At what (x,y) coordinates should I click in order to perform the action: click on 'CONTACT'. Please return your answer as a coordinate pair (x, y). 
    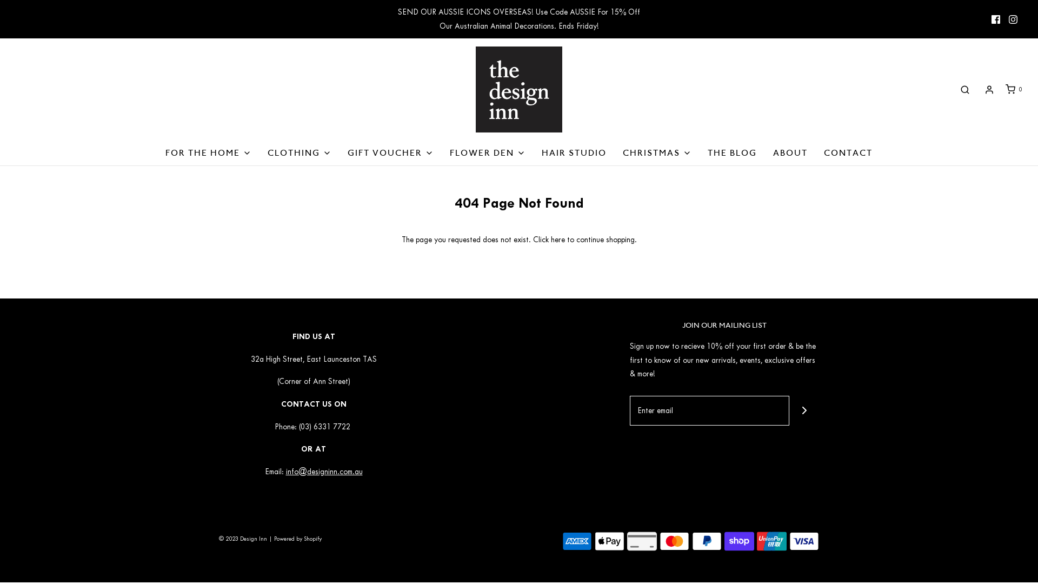
    Looking at the image, I should click on (848, 152).